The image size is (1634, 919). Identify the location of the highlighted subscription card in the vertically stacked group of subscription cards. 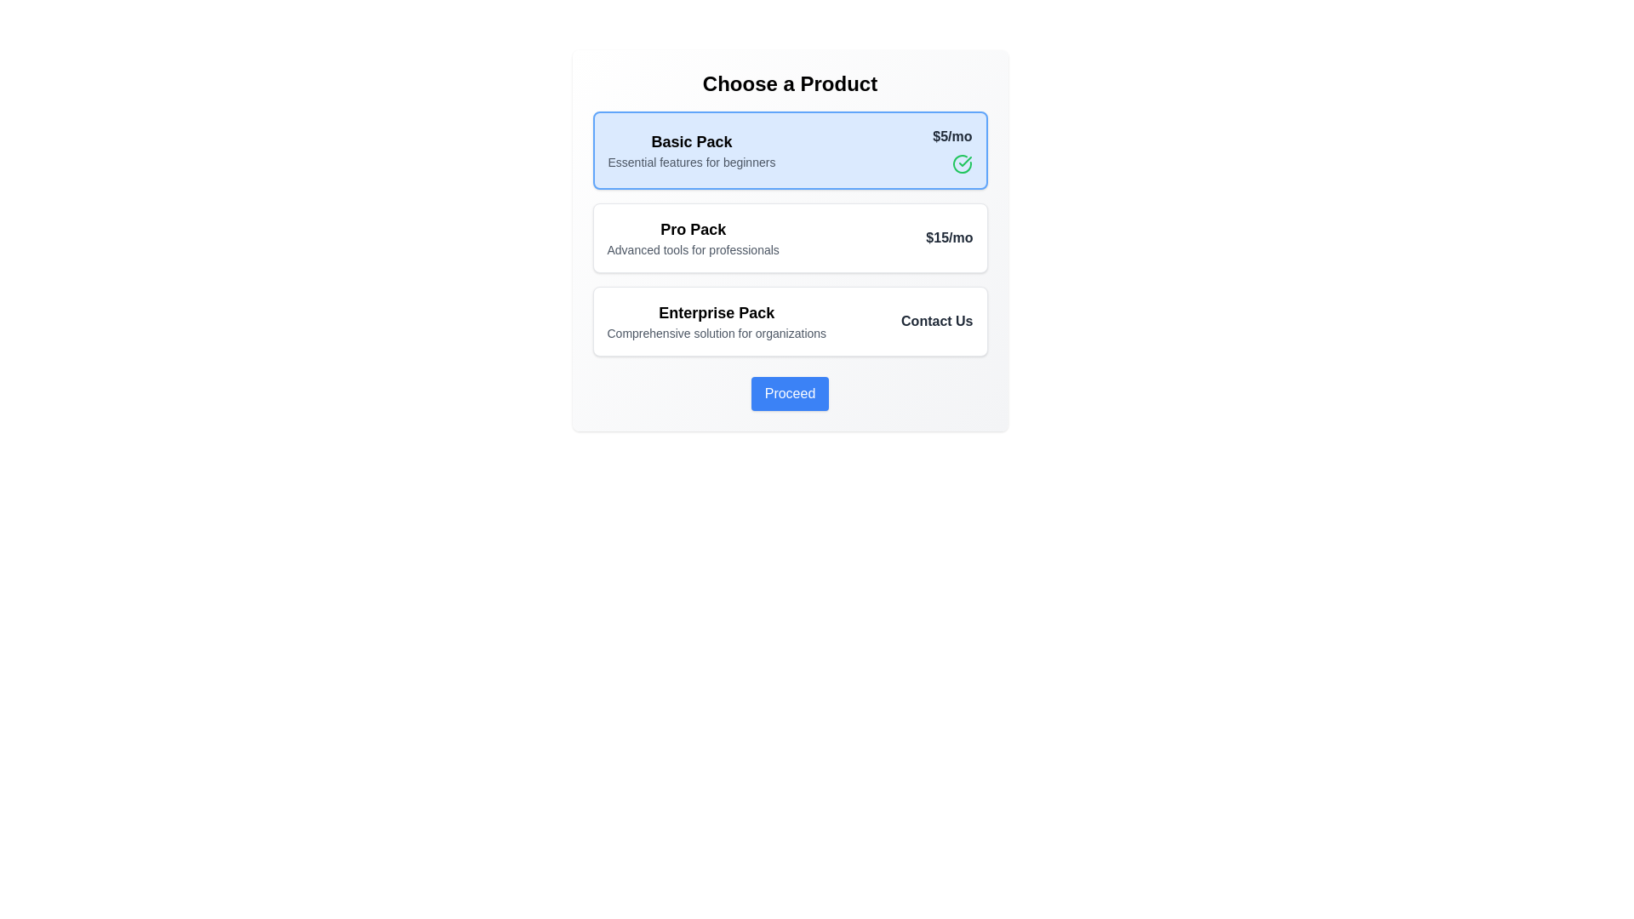
(789, 233).